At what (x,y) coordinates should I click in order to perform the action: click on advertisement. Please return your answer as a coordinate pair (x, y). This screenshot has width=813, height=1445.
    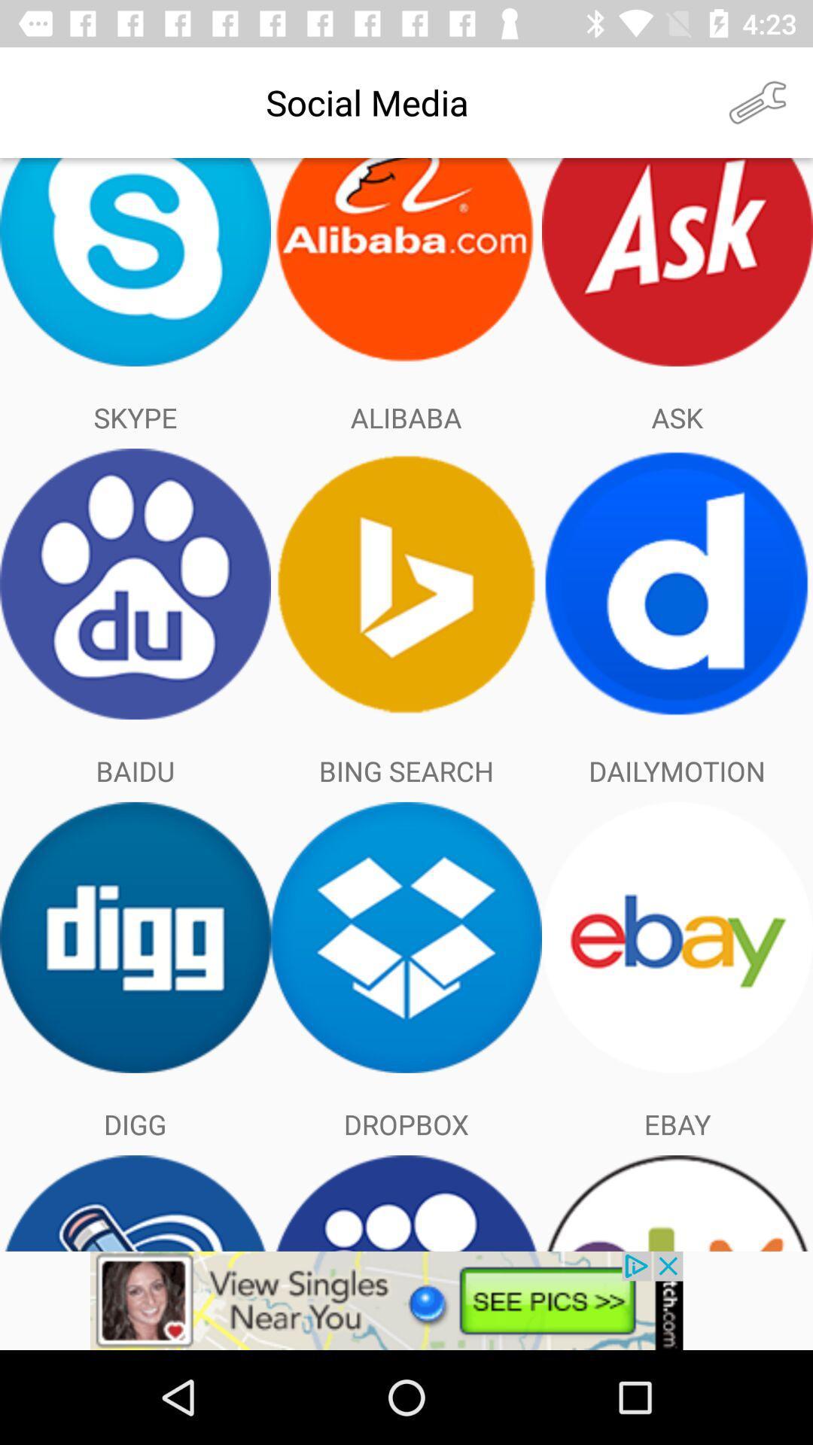
    Looking at the image, I should click on (406, 1300).